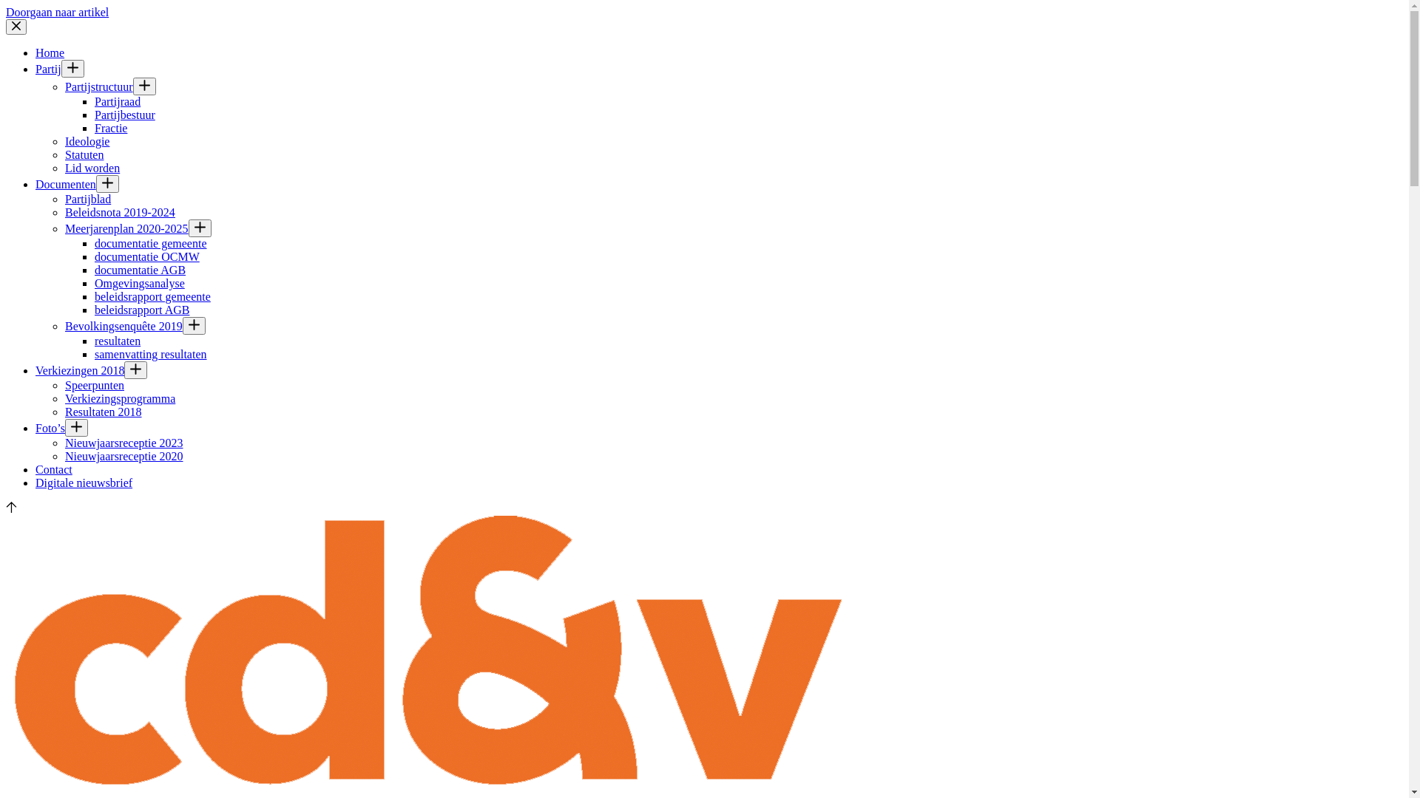 The height and width of the screenshot is (798, 1420). I want to click on 'Partijstructuur', so click(98, 86).